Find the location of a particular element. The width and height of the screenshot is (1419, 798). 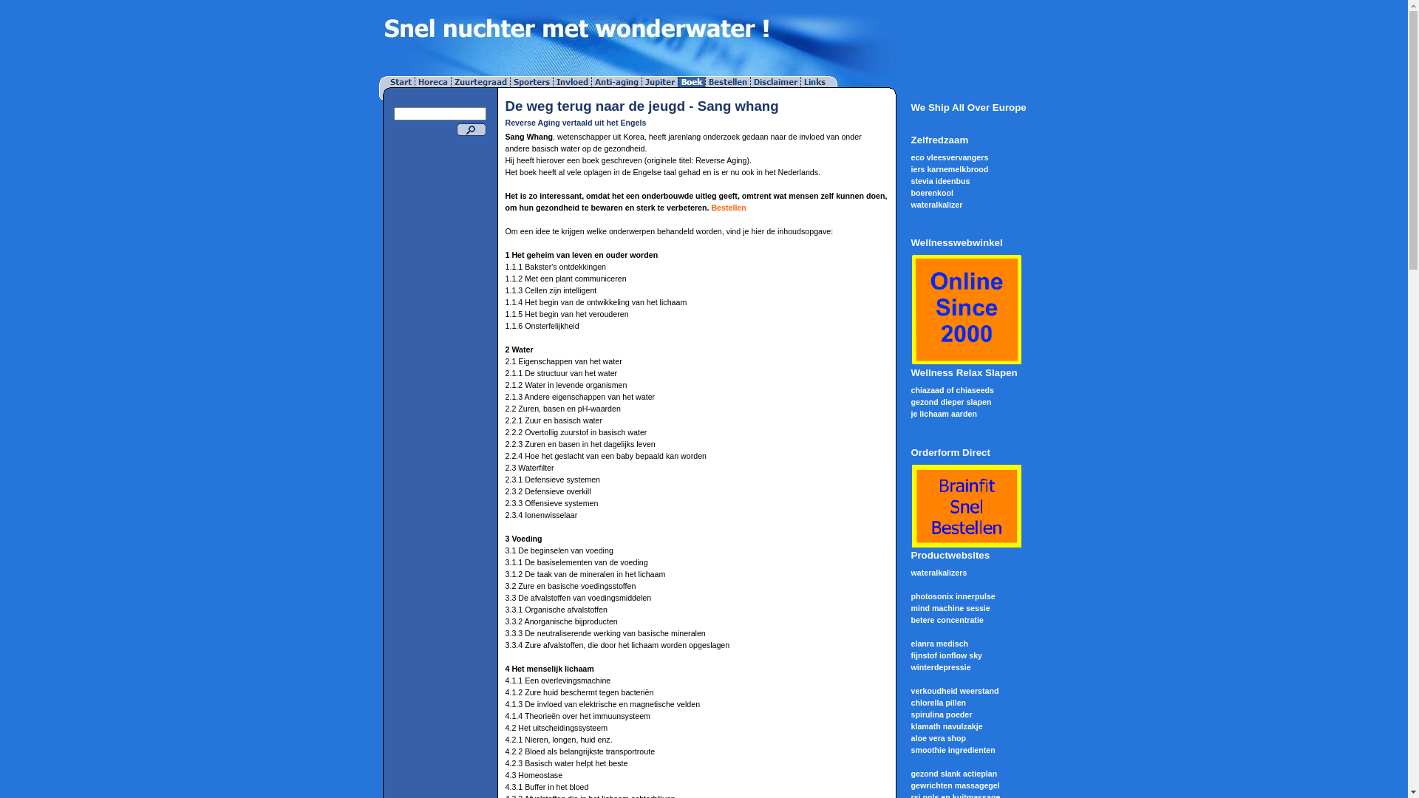

'spirulina poeder' is located at coordinates (940, 714).